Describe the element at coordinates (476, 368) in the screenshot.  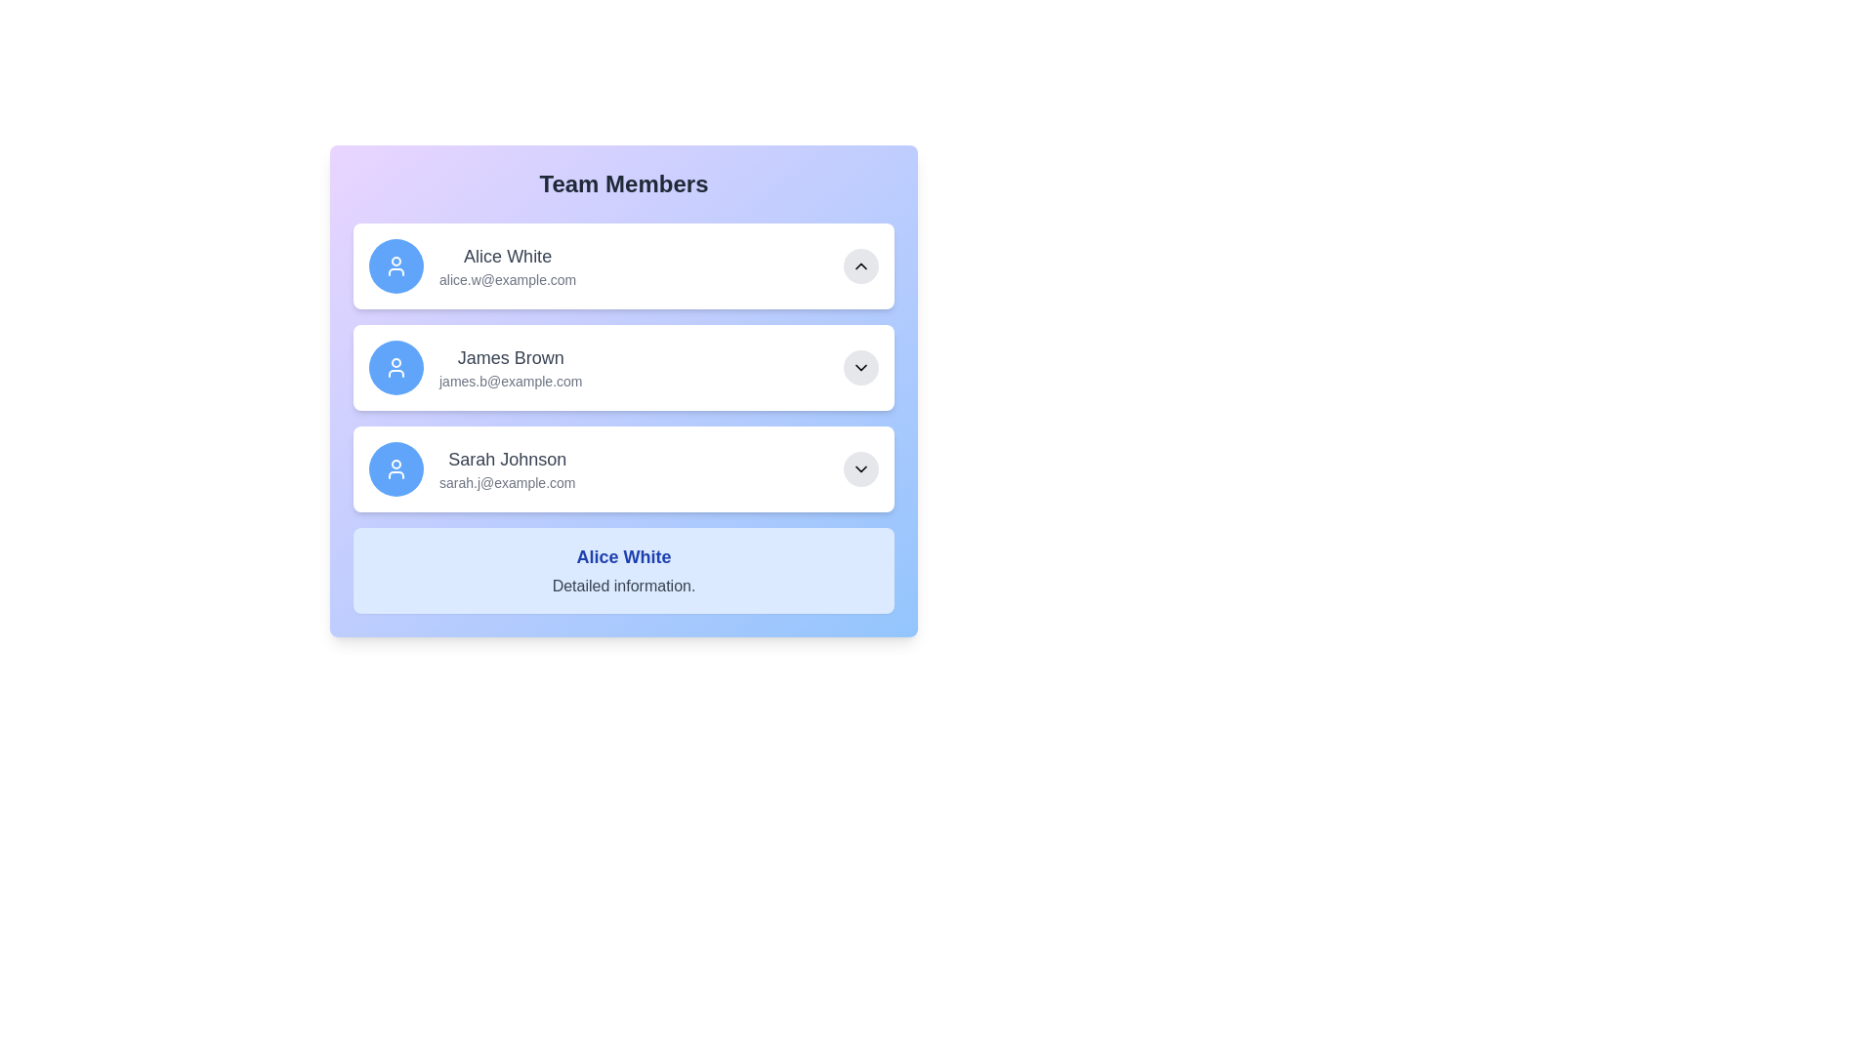
I see `the informational list entry displaying 'James Brown' and 'james.b@example.com'` at that location.